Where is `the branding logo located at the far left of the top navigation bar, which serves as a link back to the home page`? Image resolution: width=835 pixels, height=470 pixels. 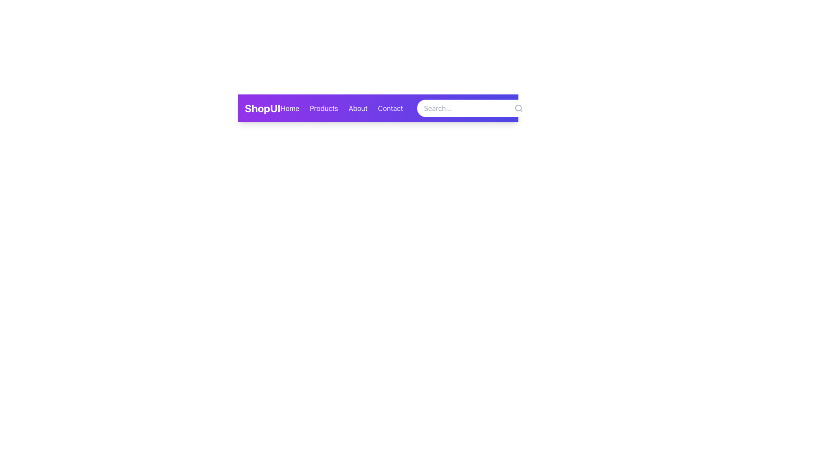
the branding logo located at the far left of the top navigation bar, which serves as a link back to the home page is located at coordinates (262, 108).